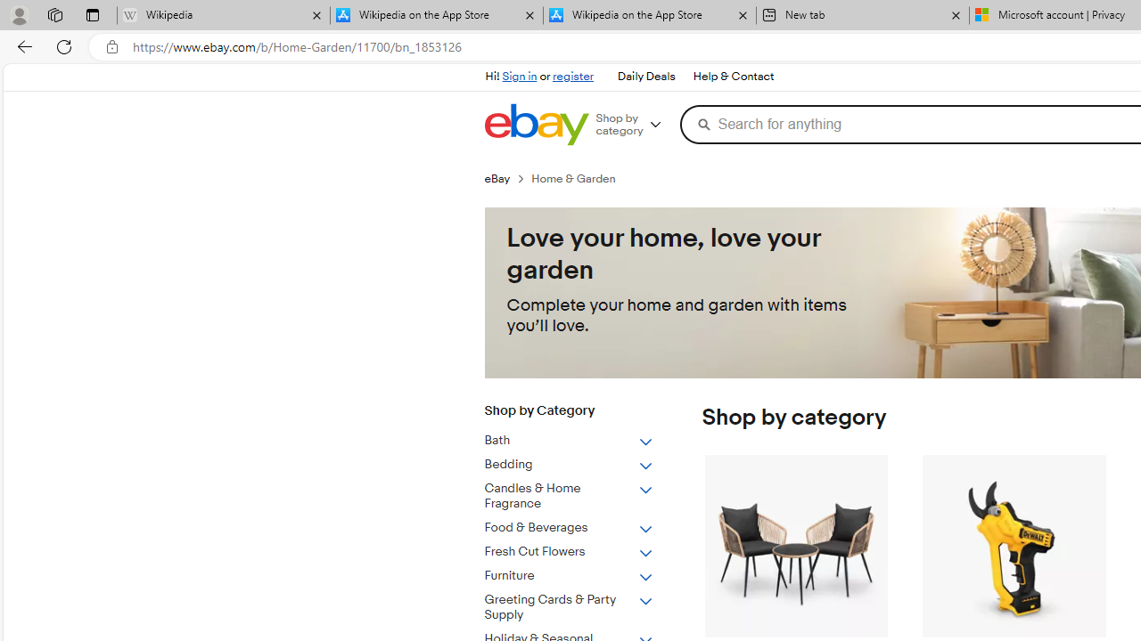 This screenshot has width=1141, height=641. What do you see at coordinates (92, 14) in the screenshot?
I see `'Tab actions menu'` at bounding box center [92, 14].